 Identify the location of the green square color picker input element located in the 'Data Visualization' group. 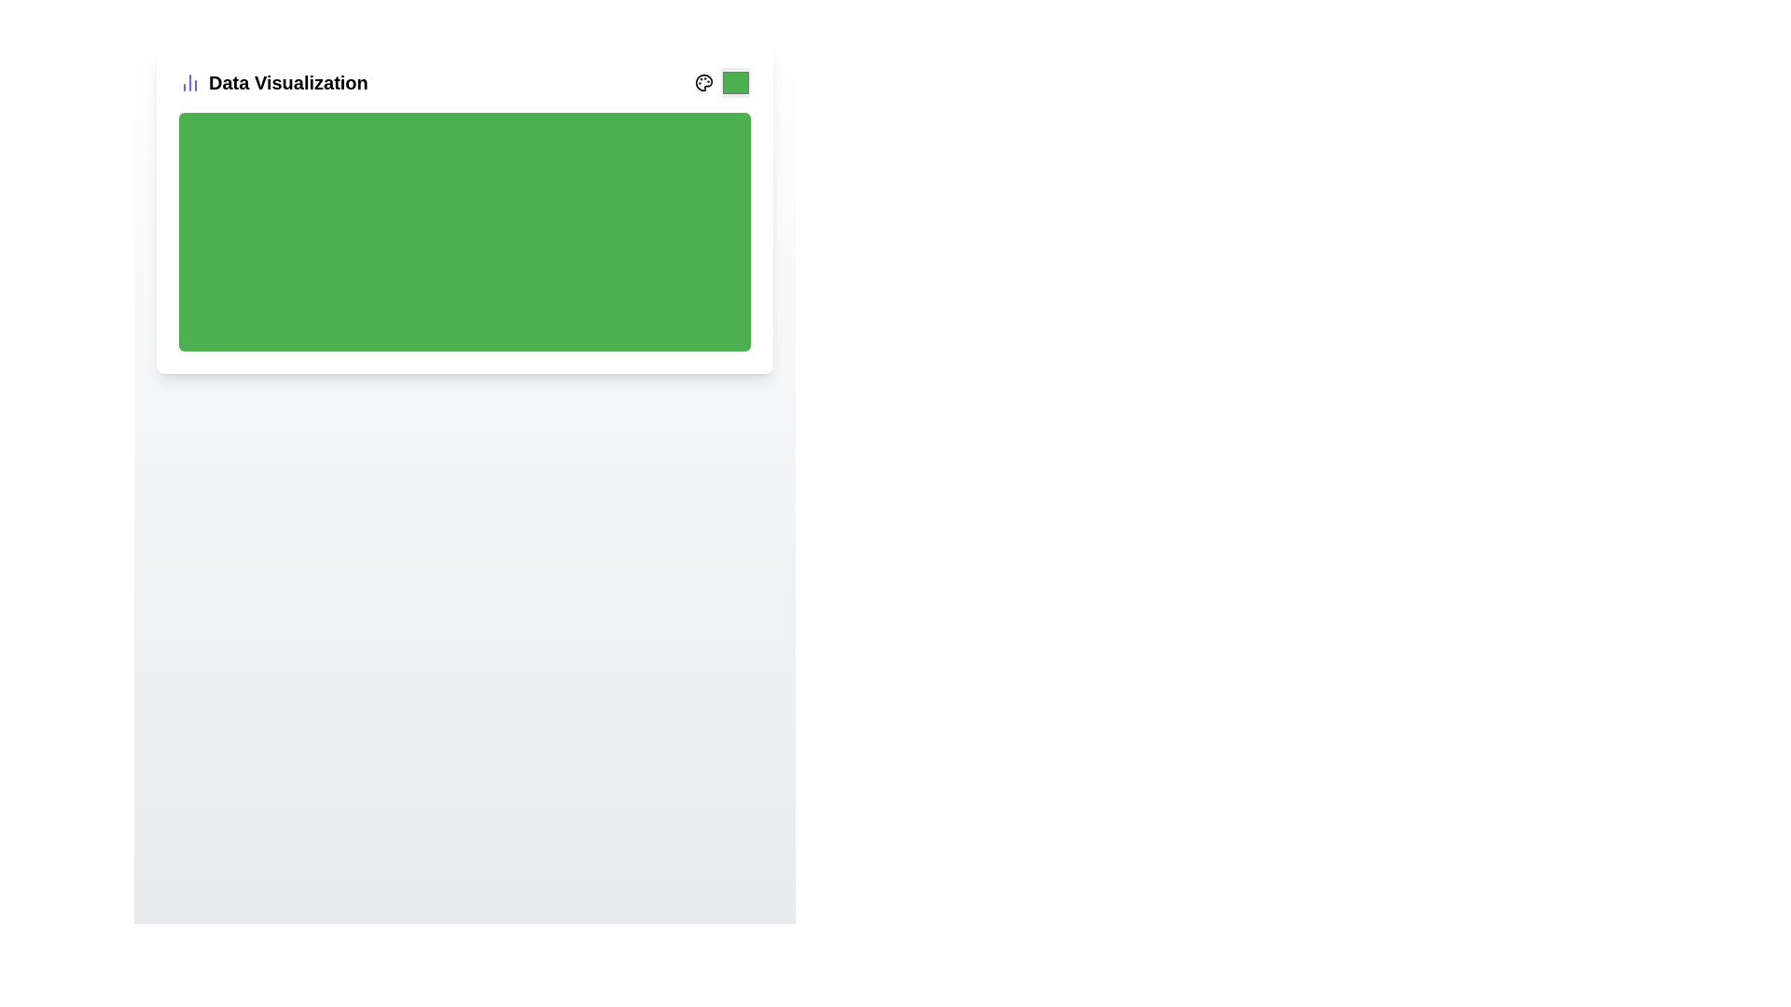
(721, 81).